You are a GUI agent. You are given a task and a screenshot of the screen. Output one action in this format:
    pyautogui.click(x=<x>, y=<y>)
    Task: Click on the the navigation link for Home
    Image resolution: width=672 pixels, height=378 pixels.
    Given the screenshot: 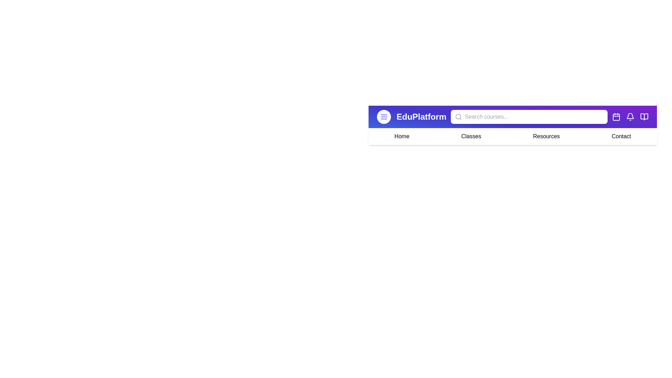 What is the action you would take?
    pyautogui.click(x=401, y=136)
    